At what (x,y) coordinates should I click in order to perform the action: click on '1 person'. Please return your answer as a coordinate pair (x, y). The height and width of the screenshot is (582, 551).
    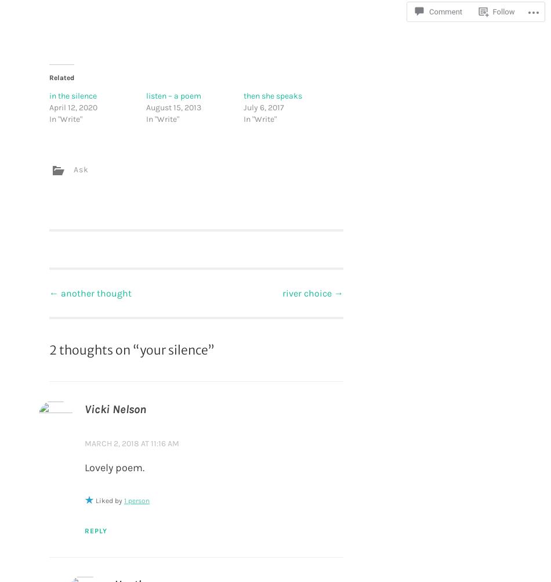
    Looking at the image, I should click on (124, 500).